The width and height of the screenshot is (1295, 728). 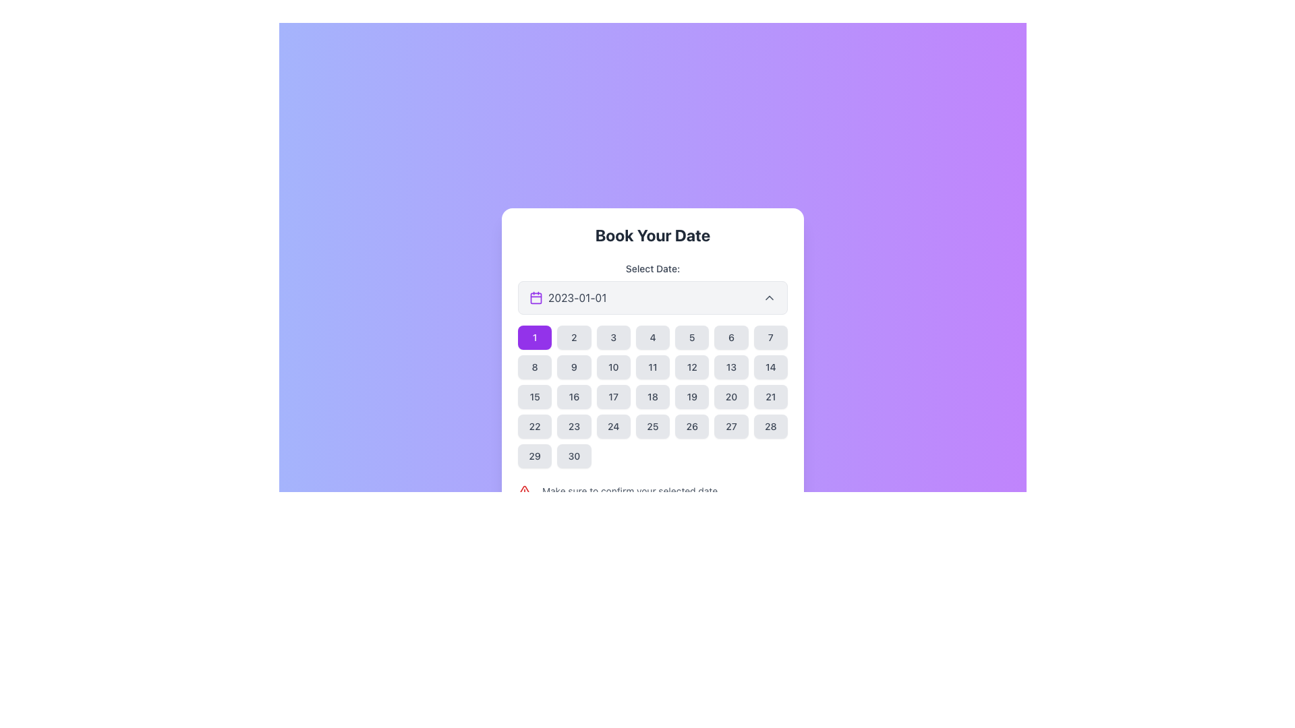 I want to click on the rectangular button displaying the number '26' in a medium-gray color, so click(x=692, y=426).